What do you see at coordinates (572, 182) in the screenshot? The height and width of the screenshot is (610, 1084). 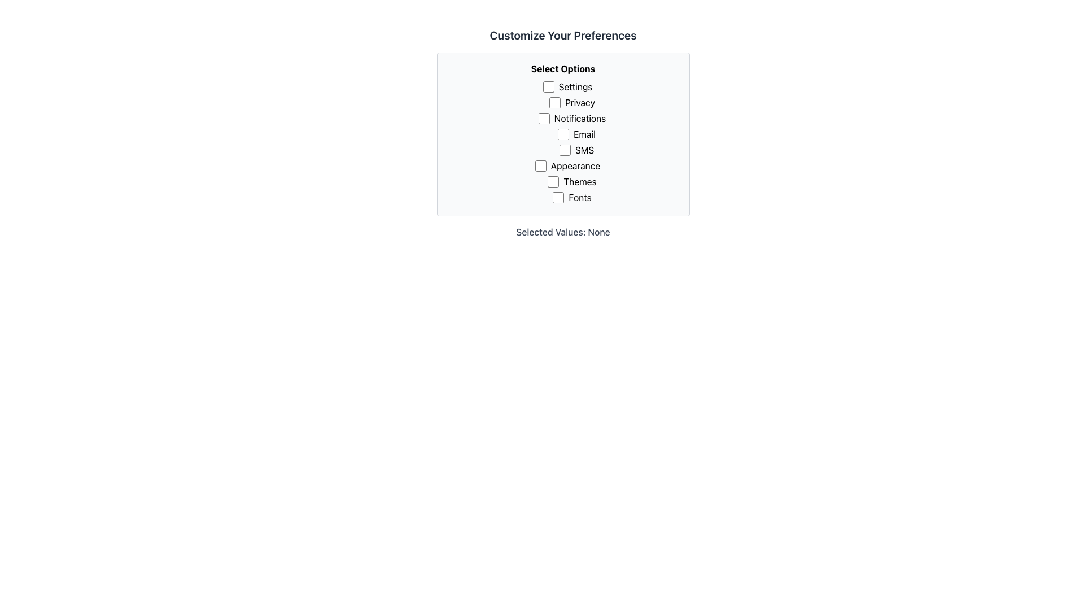 I see `text label for the selectable feature related to 'Themes' located in the middle right section of the interface, positioned below 'Appearance' and above 'Fonts'` at bounding box center [572, 182].